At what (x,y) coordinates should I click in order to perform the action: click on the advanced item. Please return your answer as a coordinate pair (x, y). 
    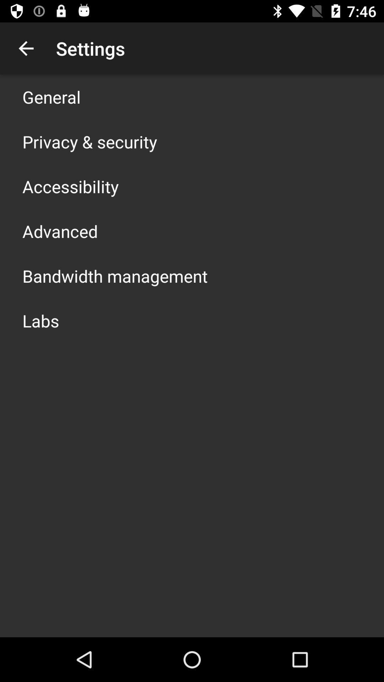
    Looking at the image, I should click on (60, 231).